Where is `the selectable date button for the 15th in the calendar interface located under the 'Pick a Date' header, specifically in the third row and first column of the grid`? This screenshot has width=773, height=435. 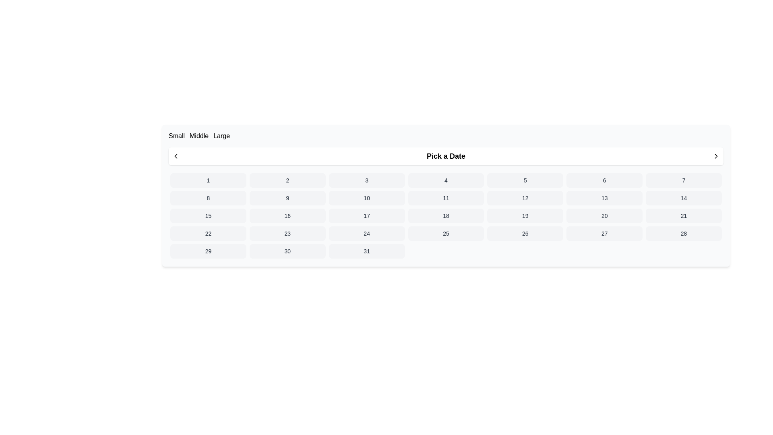 the selectable date button for the 15th in the calendar interface located under the 'Pick a Date' header, specifically in the third row and first column of the grid is located at coordinates (208, 215).